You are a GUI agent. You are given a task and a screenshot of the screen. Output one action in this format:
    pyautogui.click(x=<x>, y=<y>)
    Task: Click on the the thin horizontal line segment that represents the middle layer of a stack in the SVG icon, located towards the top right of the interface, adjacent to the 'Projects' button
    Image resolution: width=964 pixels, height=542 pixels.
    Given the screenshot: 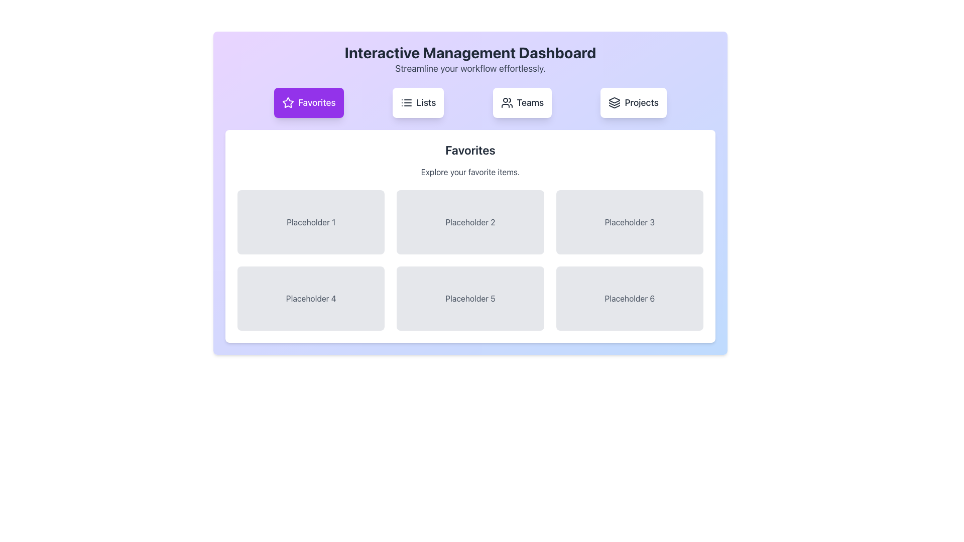 What is the action you would take?
    pyautogui.click(x=614, y=104)
    